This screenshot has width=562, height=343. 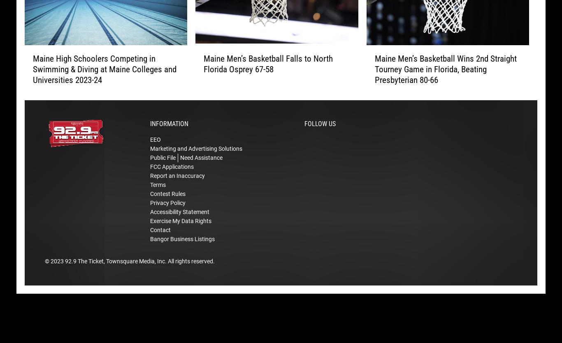 What do you see at coordinates (201, 170) in the screenshot?
I see `'Need Assistance'` at bounding box center [201, 170].